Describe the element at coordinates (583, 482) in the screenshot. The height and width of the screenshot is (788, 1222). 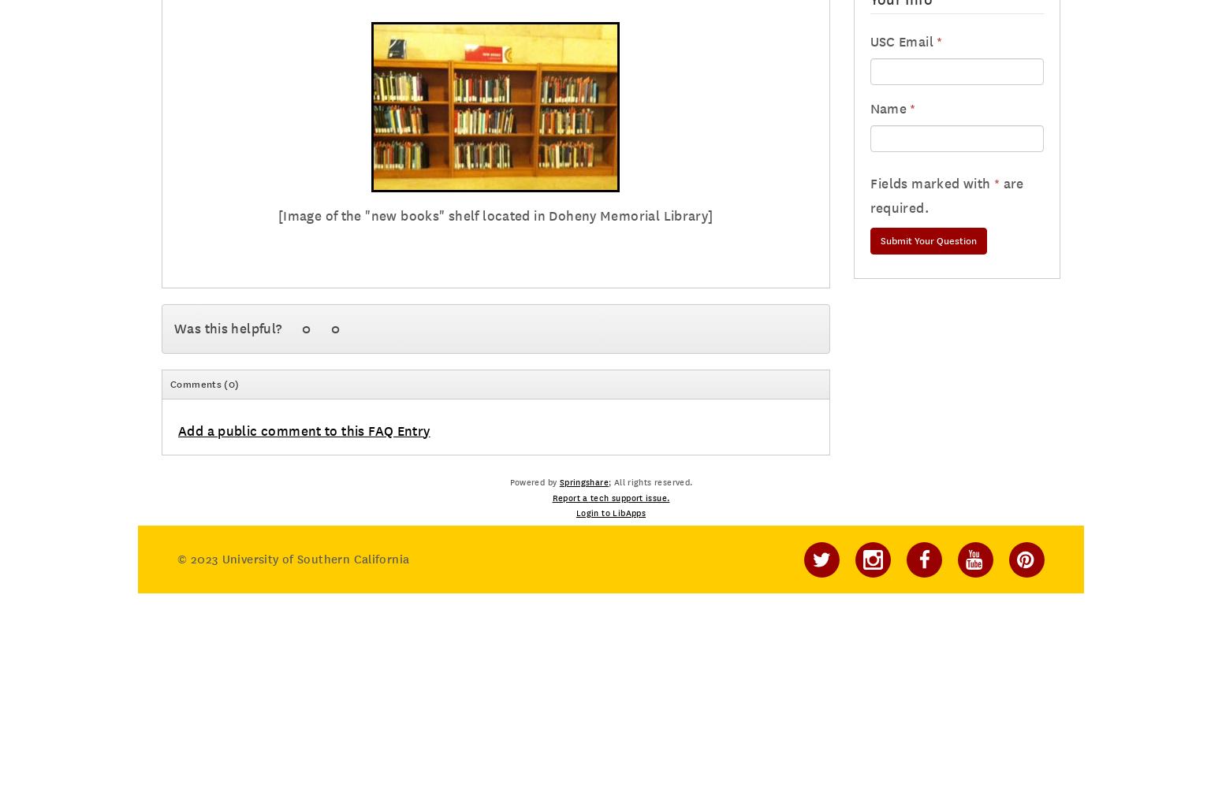
I see `'Springshare'` at that location.